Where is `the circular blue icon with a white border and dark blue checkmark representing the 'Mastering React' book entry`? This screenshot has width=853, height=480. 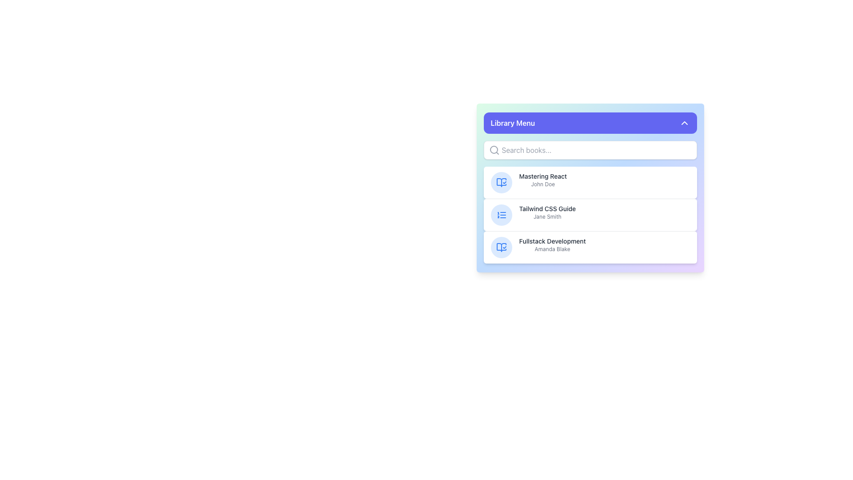 the circular blue icon with a white border and dark blue checkmark representing the 'Mastering React' book entry is located at coordinates (501, 182).